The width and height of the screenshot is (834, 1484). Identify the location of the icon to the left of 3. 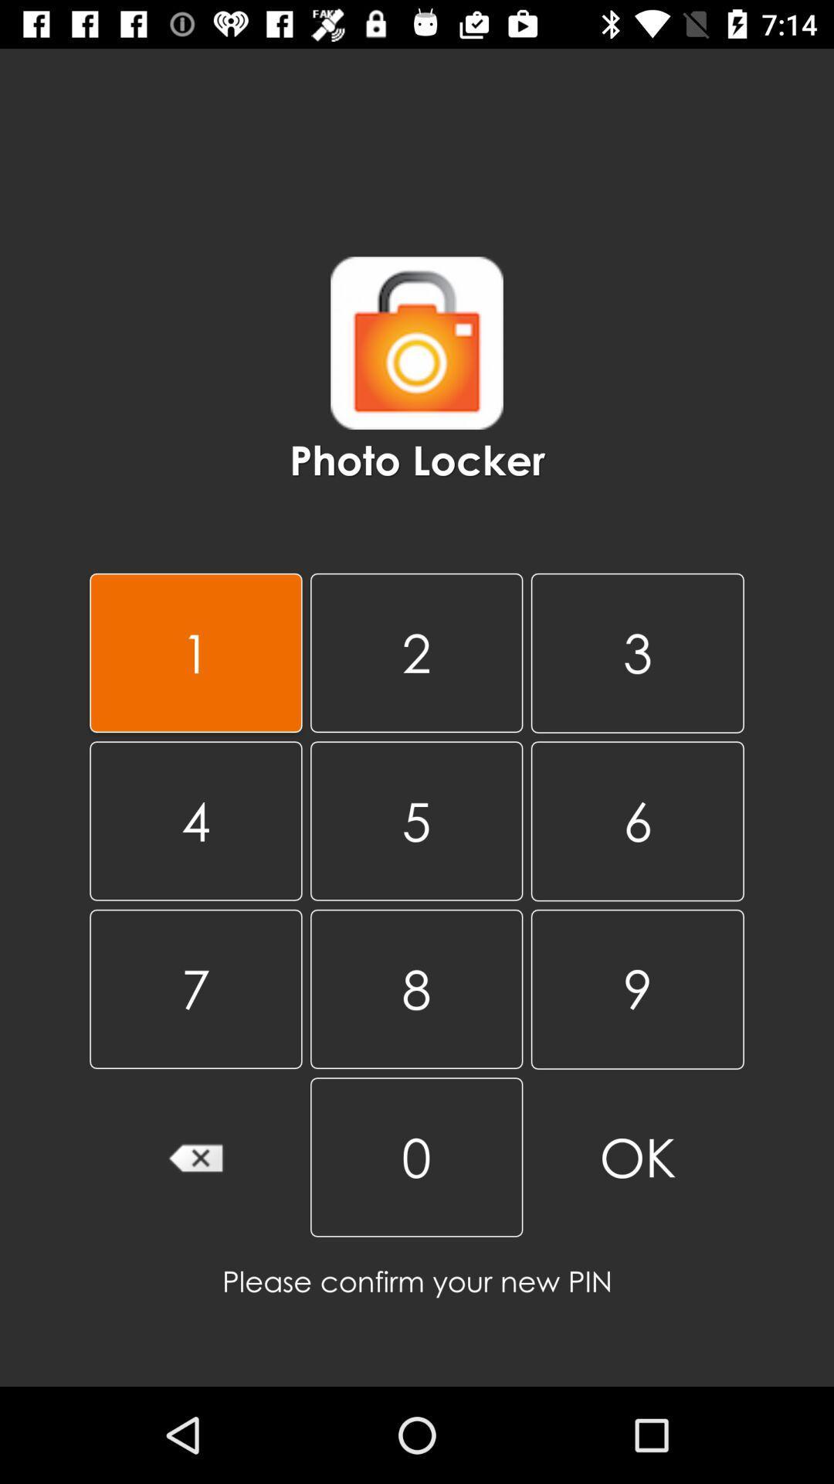
(415, 820).